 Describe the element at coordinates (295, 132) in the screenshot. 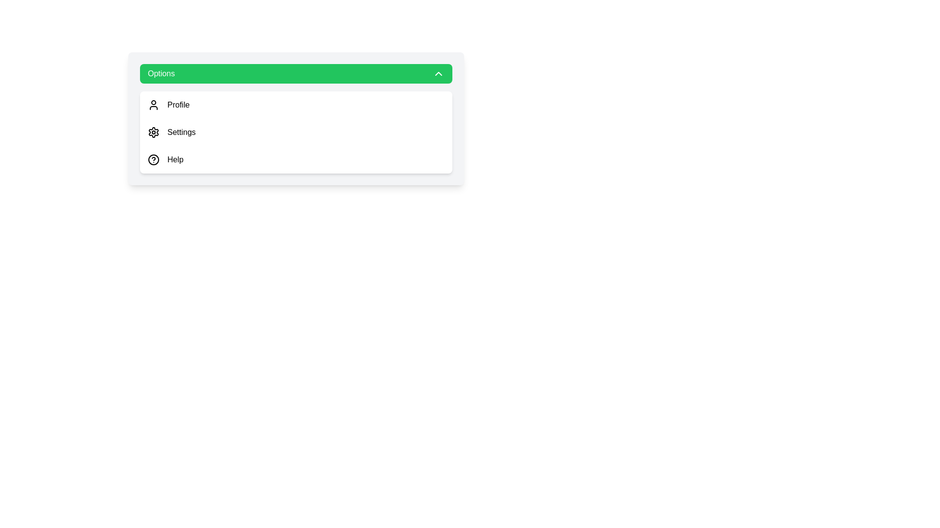

I see `the 'Settings' menu item, which is the second item in a vertical menu list` at that location.